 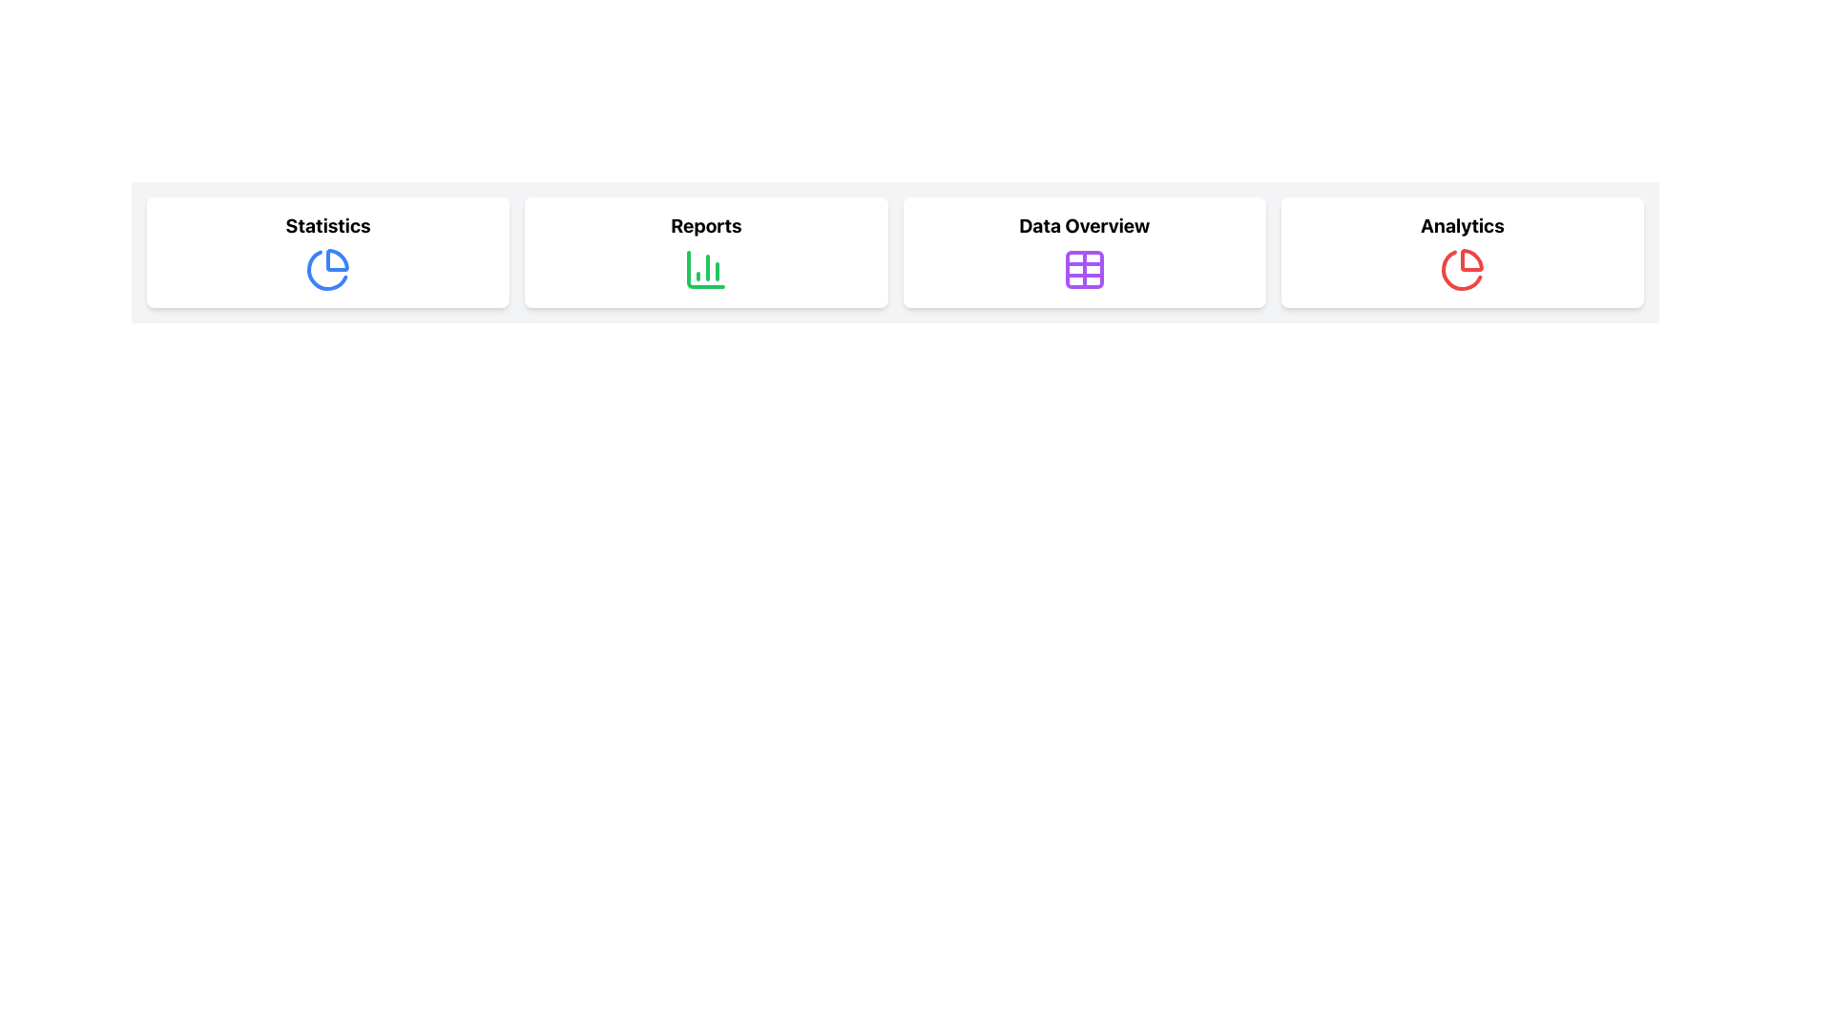 What do you see at coordinates (705, 252) in the screenshot?
I see `the 'Reports' card component, which is the second card from the left in a grid layout, to interact with it` at bounding box center [705, 252].